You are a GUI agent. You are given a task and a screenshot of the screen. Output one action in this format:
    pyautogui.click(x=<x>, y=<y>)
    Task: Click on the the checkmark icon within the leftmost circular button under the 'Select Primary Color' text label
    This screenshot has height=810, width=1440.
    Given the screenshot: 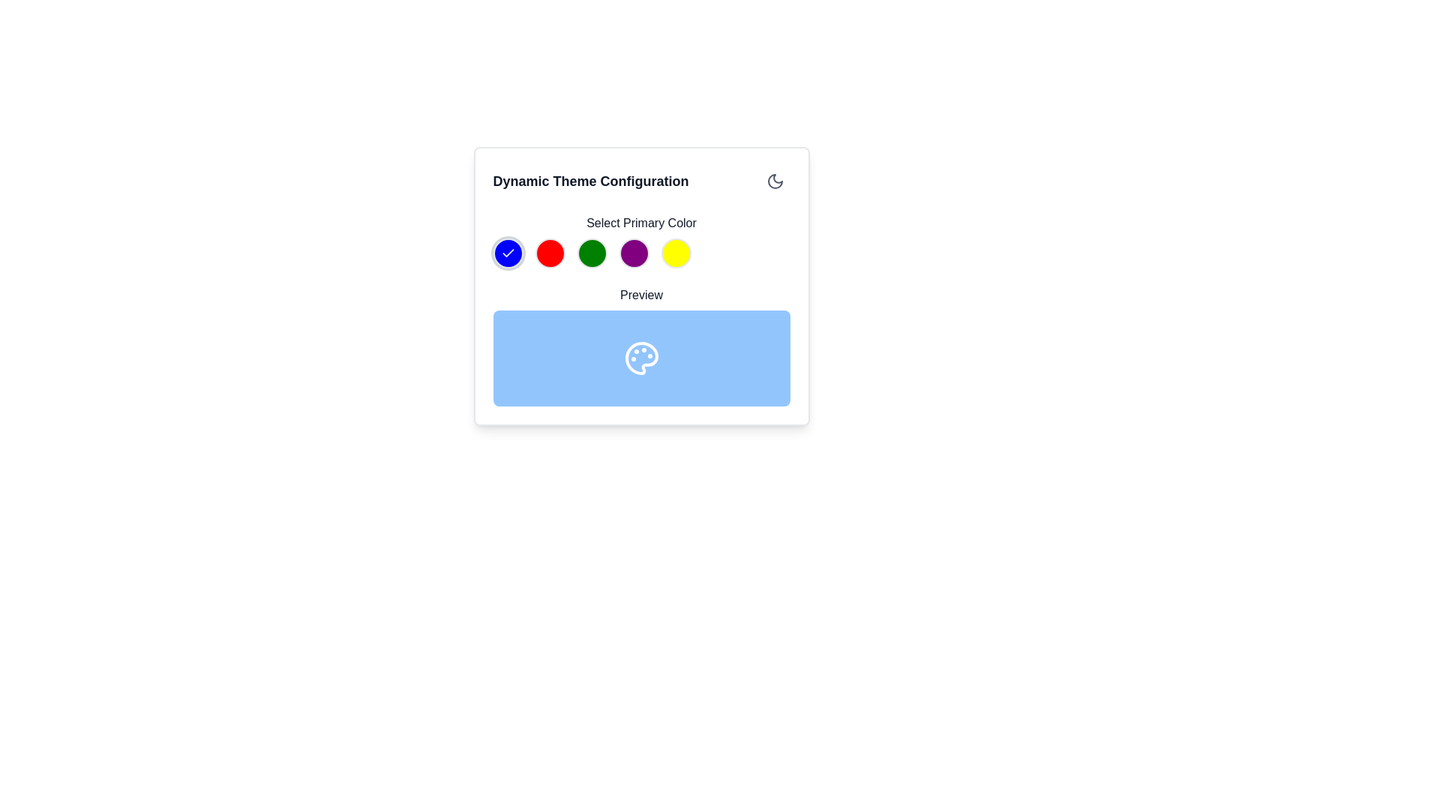 What is the action you would take?
    pyautogui.click(x=508, y=252)
    